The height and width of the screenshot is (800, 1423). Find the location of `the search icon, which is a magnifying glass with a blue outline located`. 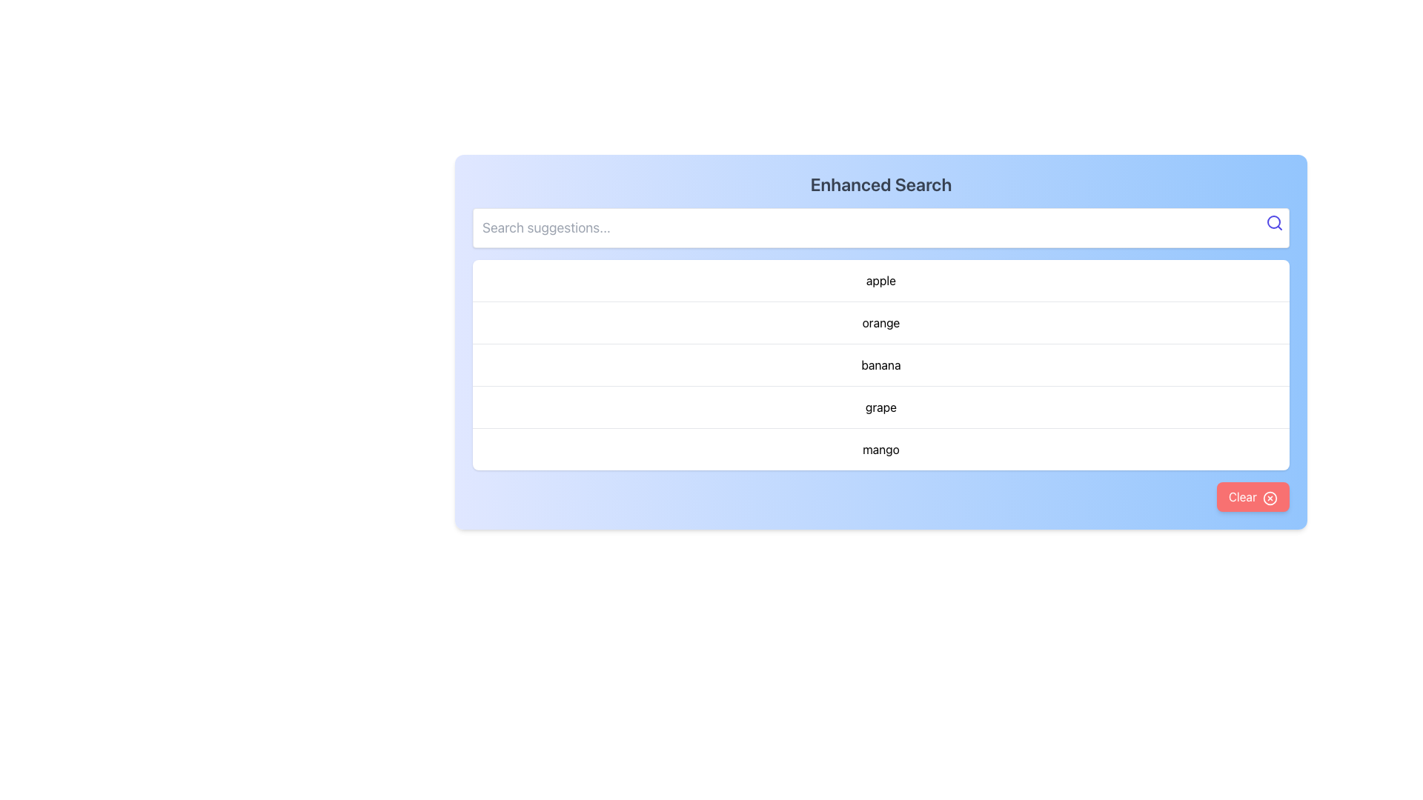

the search icon, which is a magnifying glass with a blue outline located is located at coordinates (1273, 222).